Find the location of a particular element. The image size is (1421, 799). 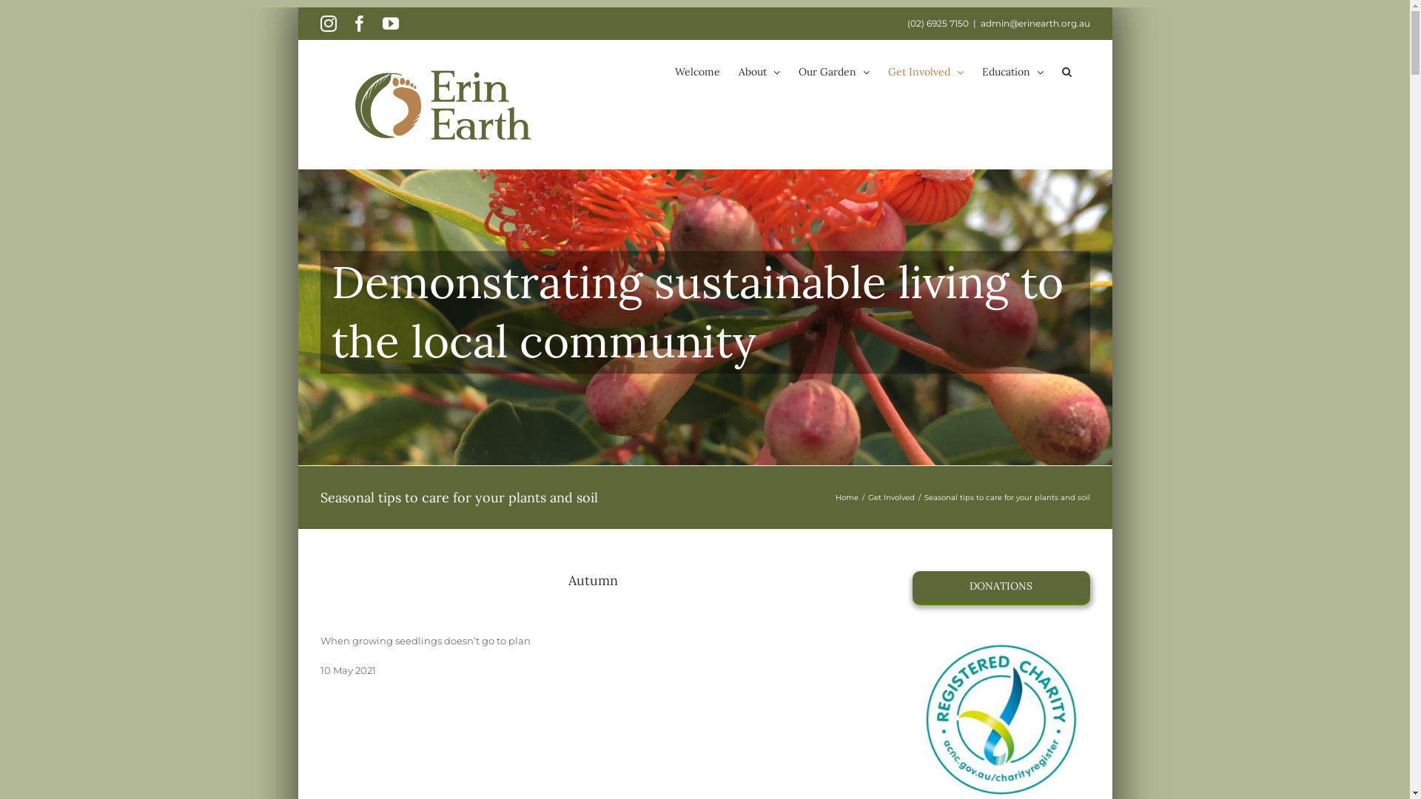

'Our Garden' is located at coordinates (833, 71).